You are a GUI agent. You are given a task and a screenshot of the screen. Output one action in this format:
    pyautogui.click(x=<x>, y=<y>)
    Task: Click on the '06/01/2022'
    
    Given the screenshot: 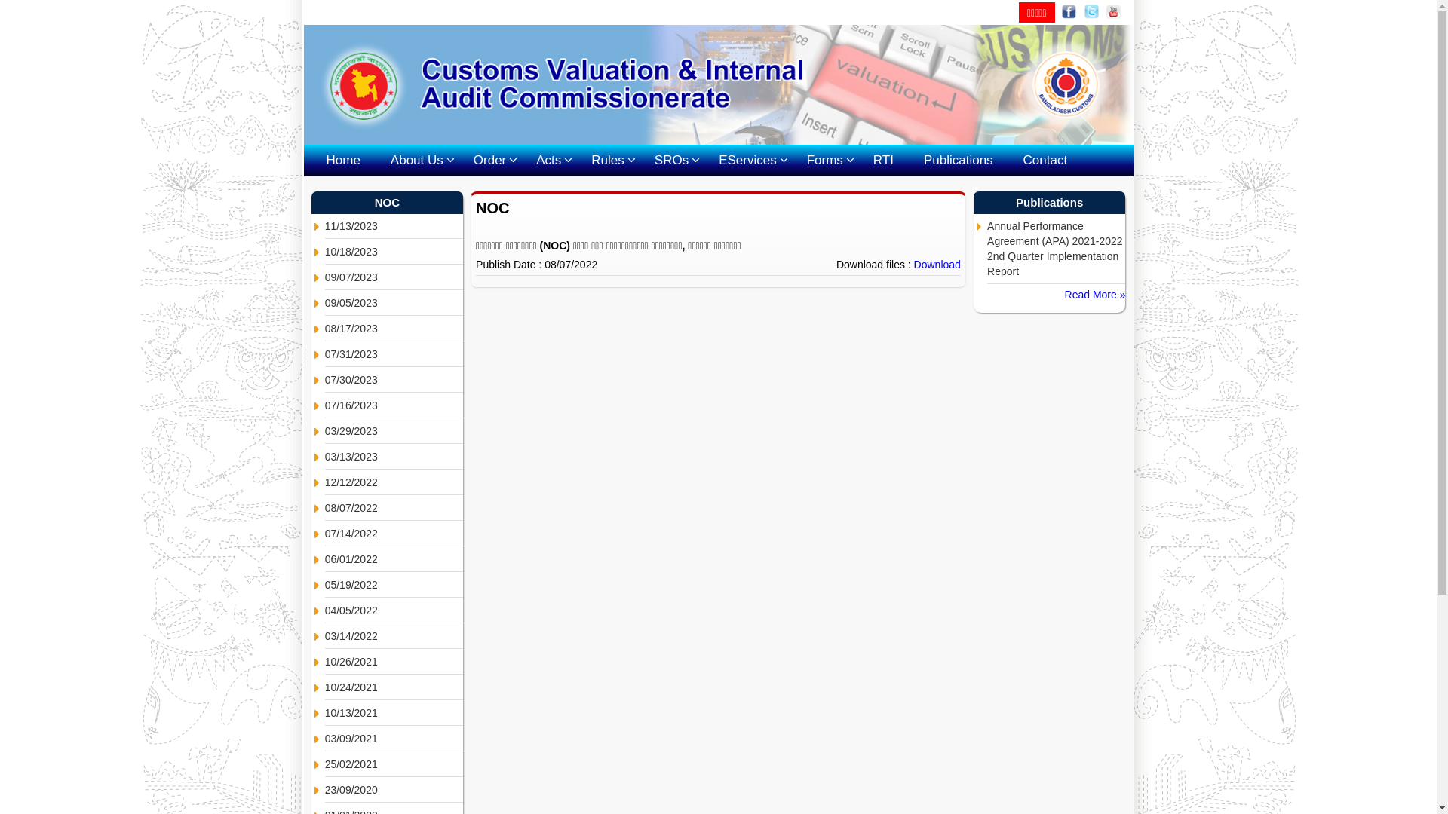 What is the action you would take?
    pyautogui.click(x=324, y=559)
    